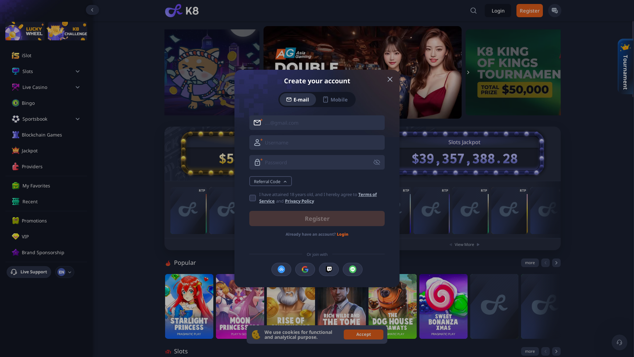 This screenshot has width=634, height=357. I want to click on 'VIP Baccarat', so click(188, 210).